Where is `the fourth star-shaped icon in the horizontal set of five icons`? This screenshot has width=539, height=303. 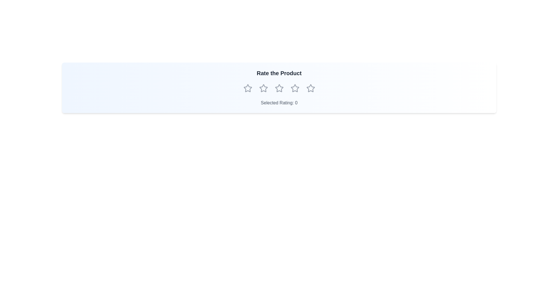
the fourth star-shaped icon in the horizontal set of five icons is located at coordinates (294, 88).